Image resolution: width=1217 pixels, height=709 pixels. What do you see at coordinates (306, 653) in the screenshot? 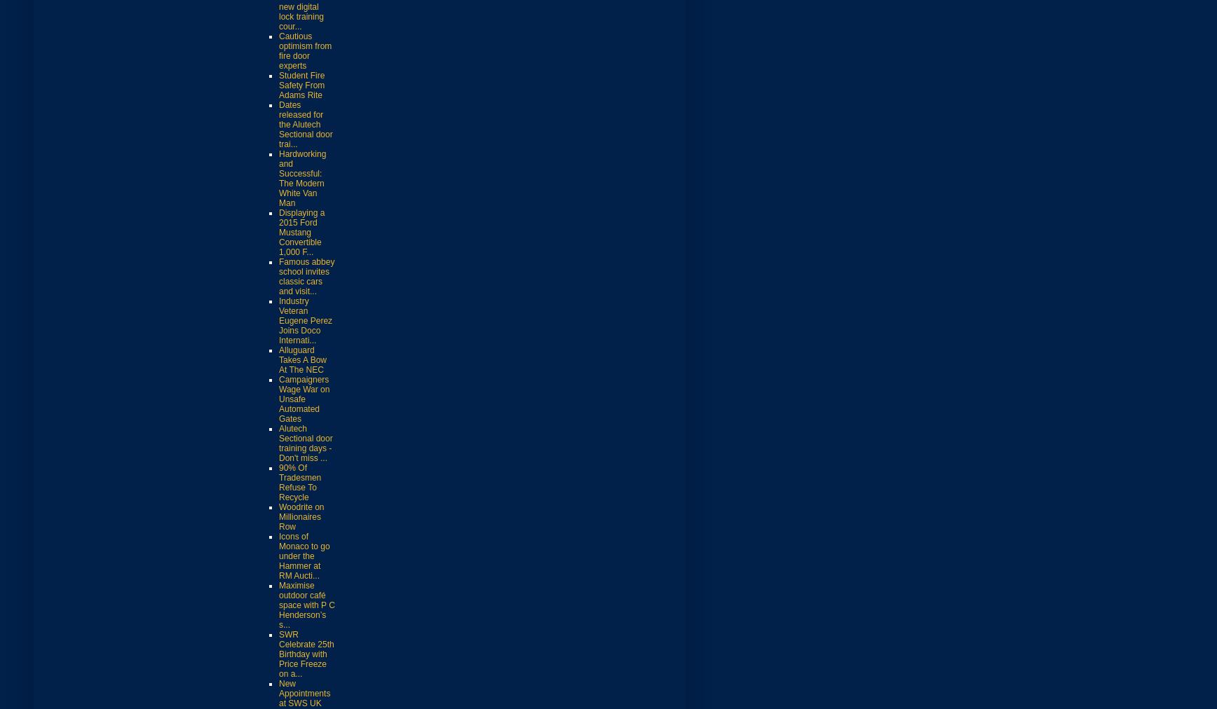
I see `'SWR Celebrate 25th Birthday with Price Freeze on a...'` at bounding box center [306, 653].